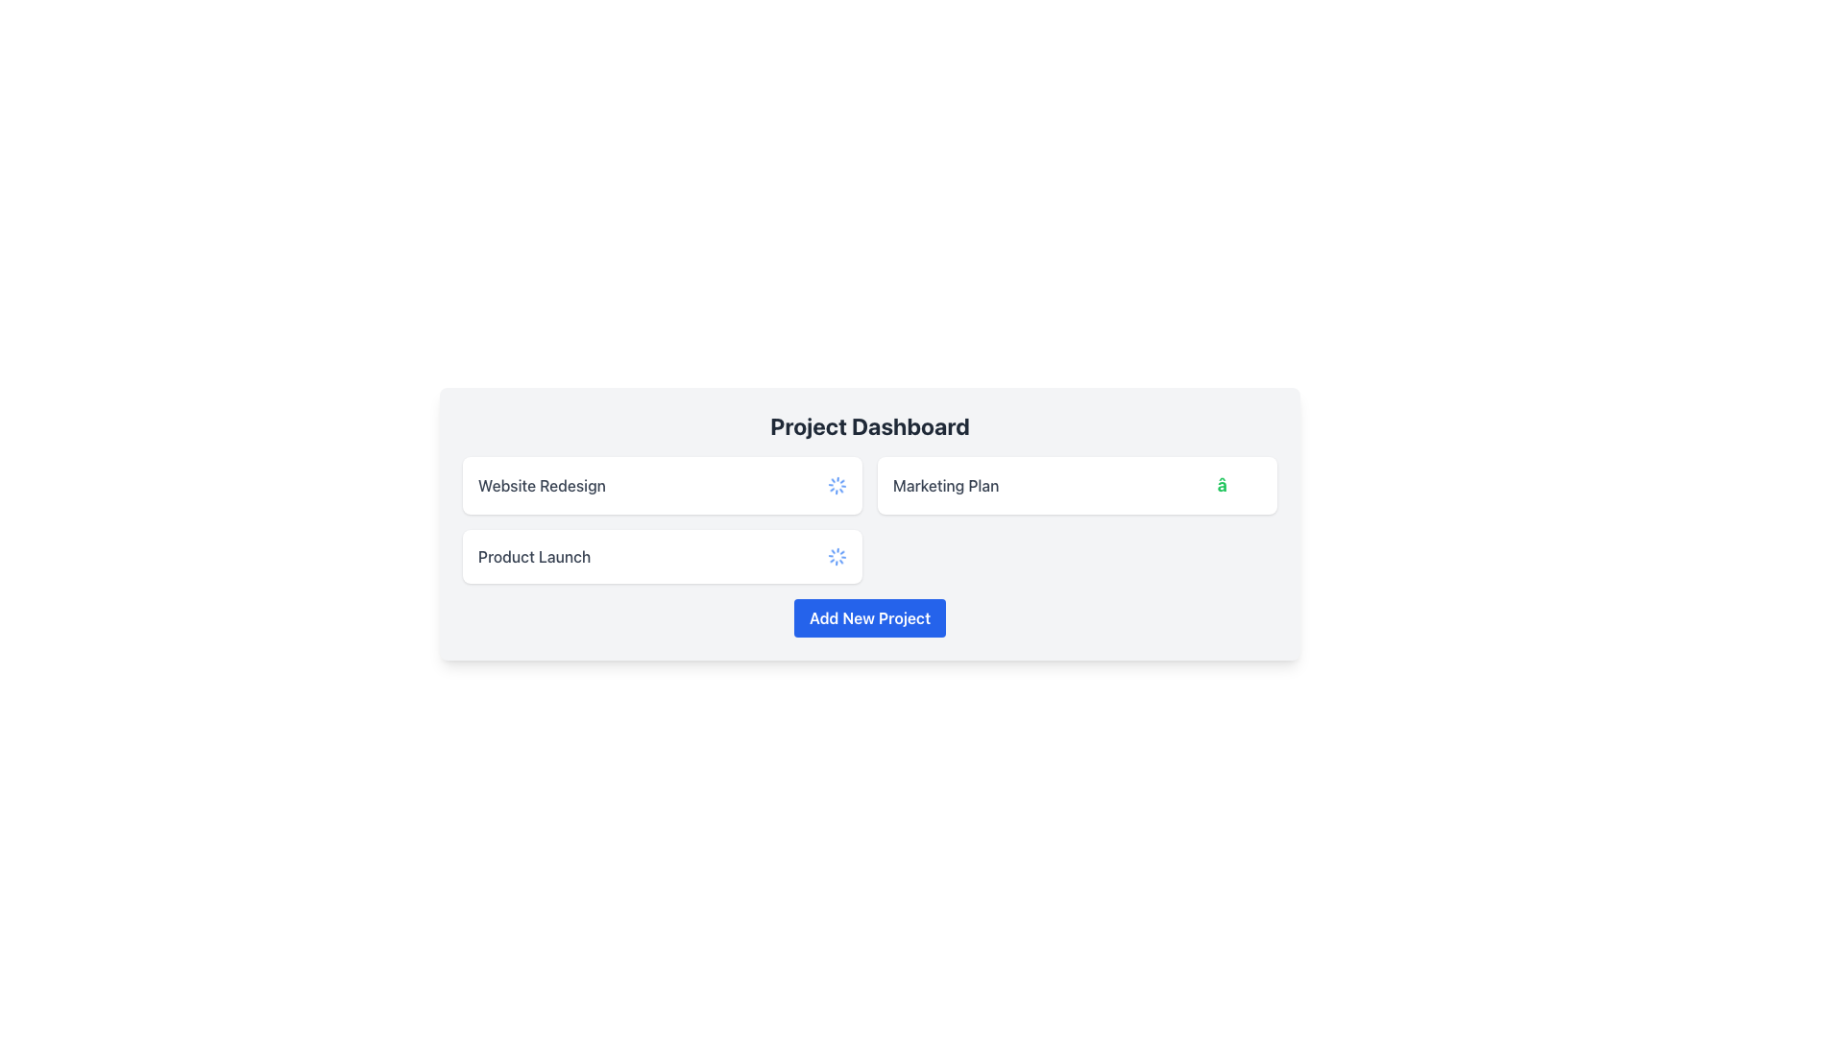  Describe the element at coordinates (869, 618) in the screenshot. I see `the blue rectangular button labeled 'Add New Project' located at the bottom center of the 'Project Dashboard'` at that location.